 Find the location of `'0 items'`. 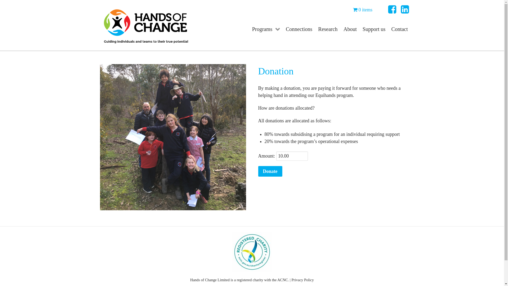

'0 items' is located at coordinates (362, 10).